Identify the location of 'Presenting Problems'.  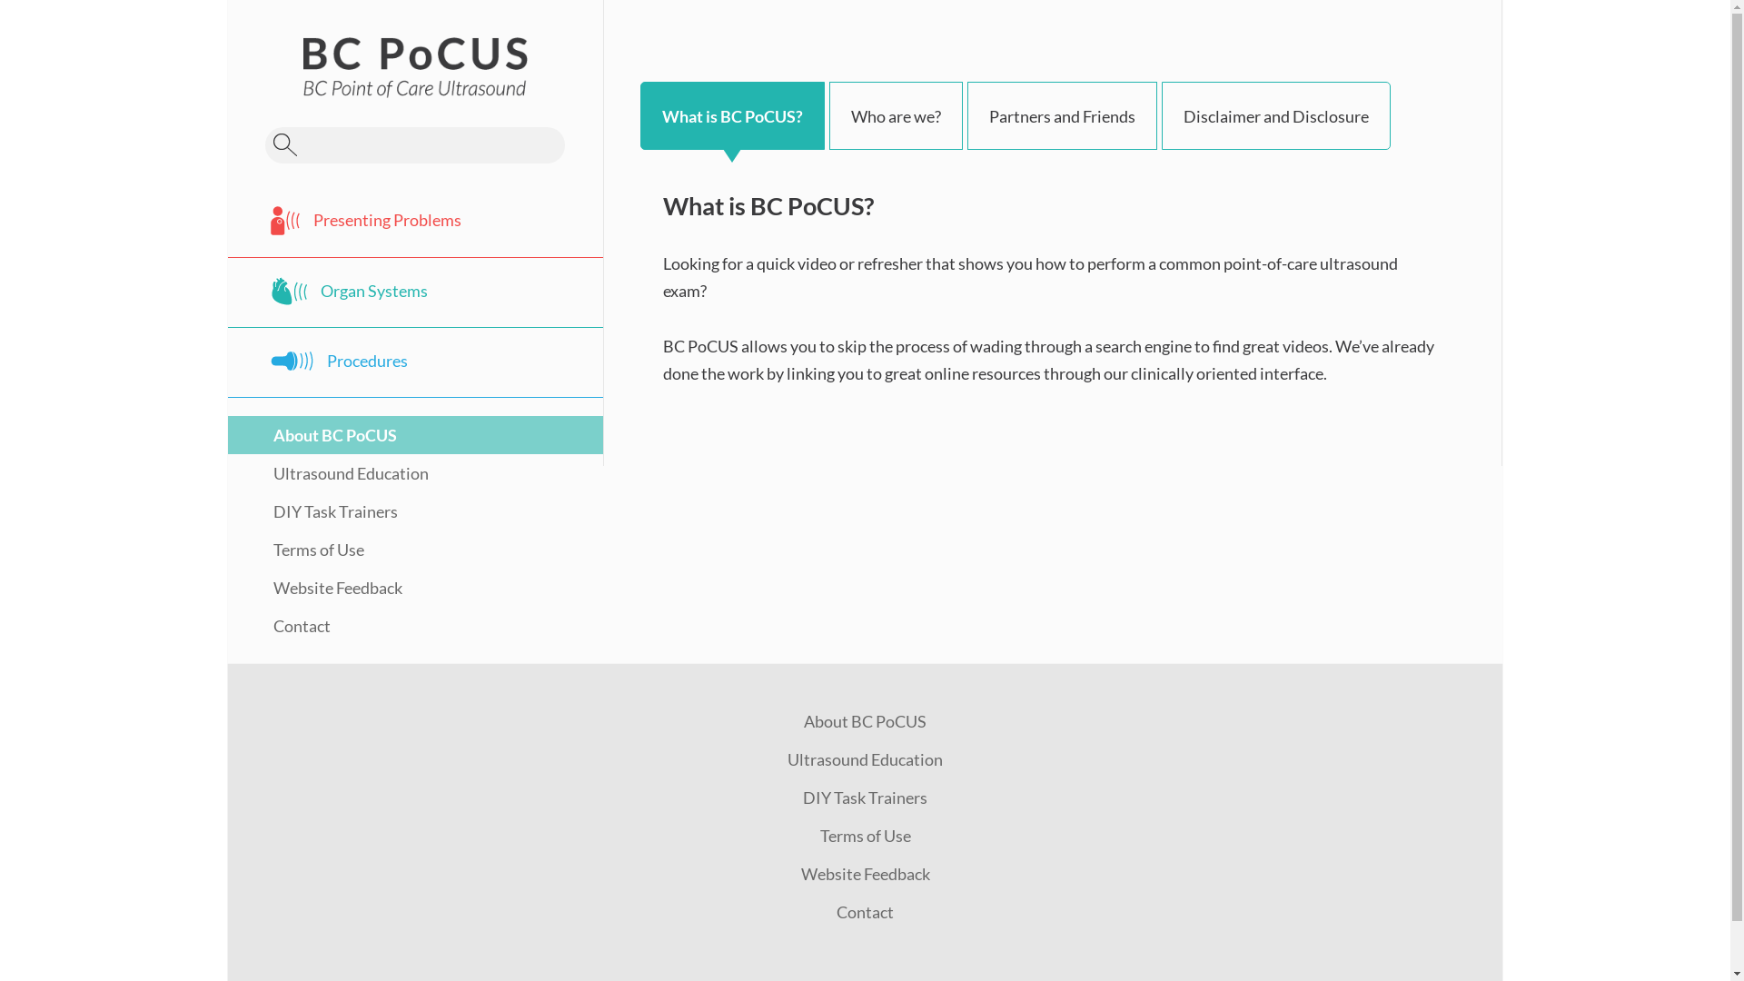
(226, 221).